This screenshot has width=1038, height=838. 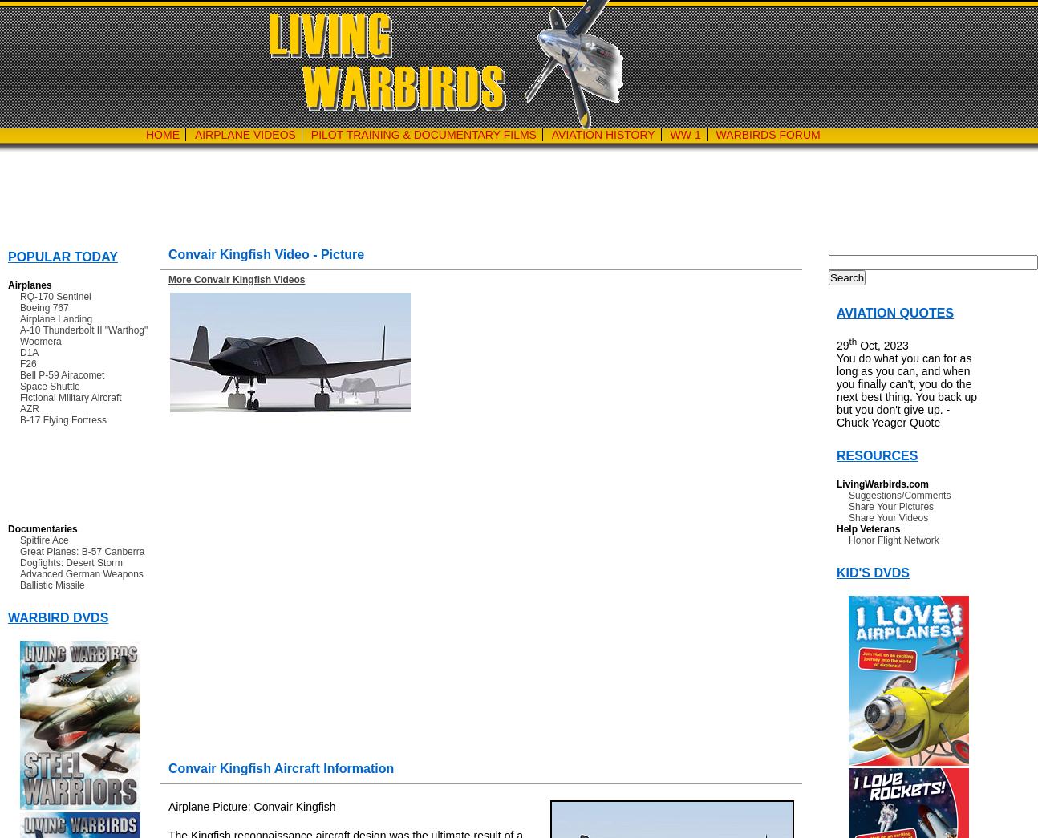 What do you see at coordinates (18, 396) in the screenshot?
I see `'Fictional Military Aircraft'` at bounding box center [18, 396].